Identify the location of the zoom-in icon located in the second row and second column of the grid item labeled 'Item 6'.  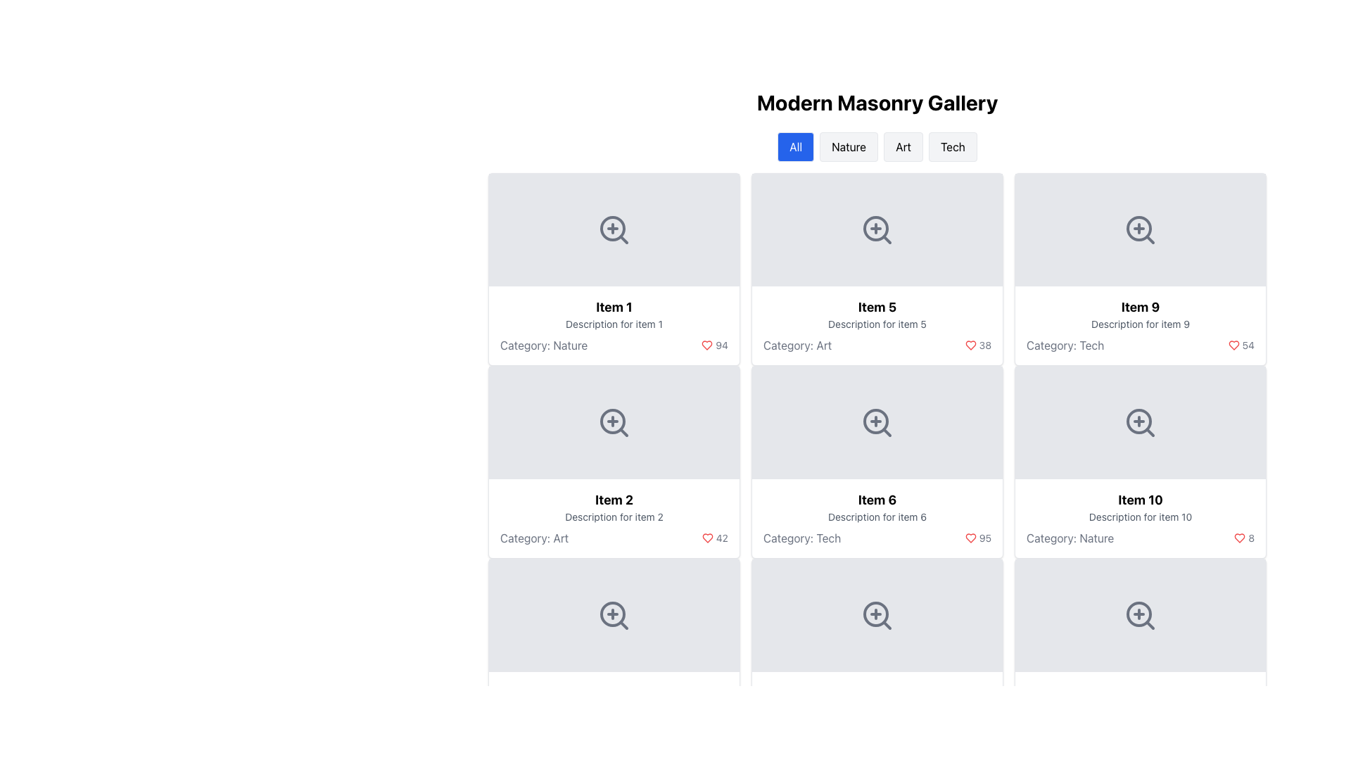
(877, 422).